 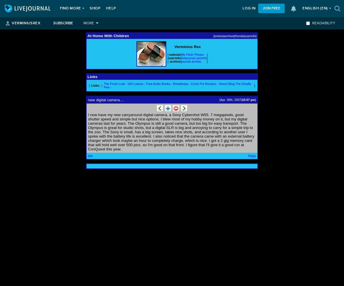 I want to click on 'journal archive', so click(x=191, y=61).